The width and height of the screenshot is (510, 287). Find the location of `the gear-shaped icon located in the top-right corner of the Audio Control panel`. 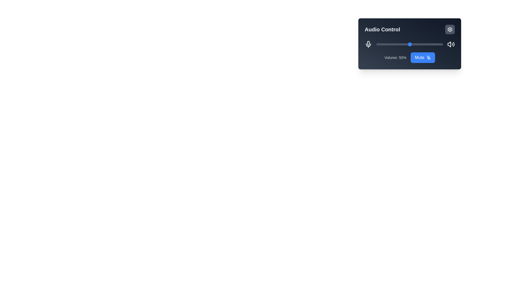

the gear-shaped icon located in the top-right corner of the Audio Control panel is located at coordinates (450, 29).